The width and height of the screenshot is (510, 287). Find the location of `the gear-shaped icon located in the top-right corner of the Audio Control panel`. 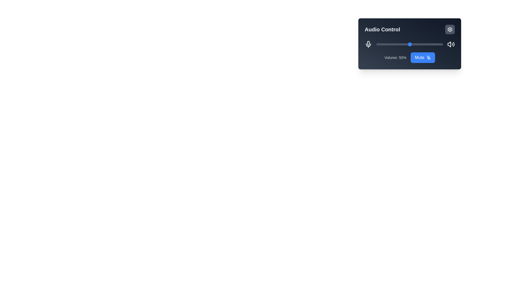

the gear-shaped icon located in the top-right corner of the Audio Control panel is located at coordinates (450, 29).